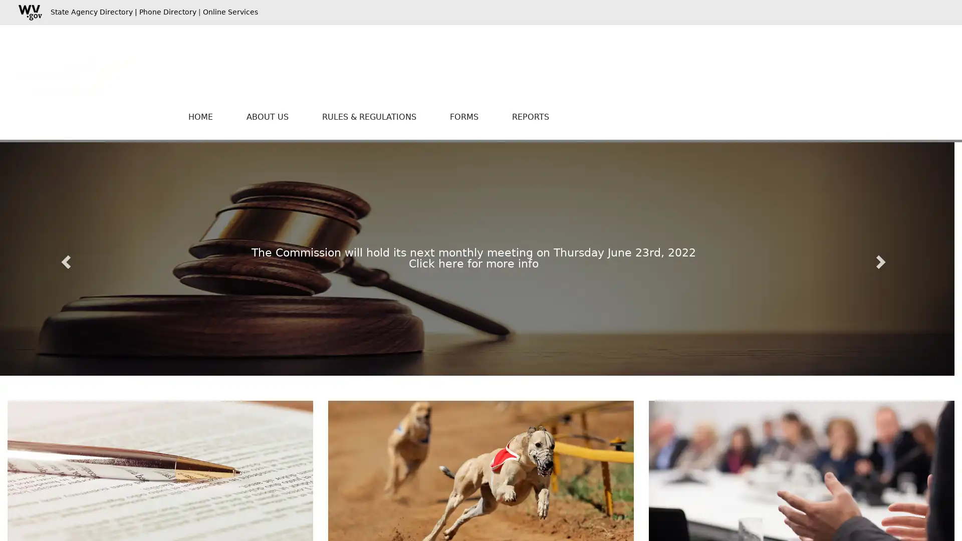 This screenshot has width=962, height=541. Describe the element at coordinates (882, 258) in the screenshot. I see `Next` at that location.